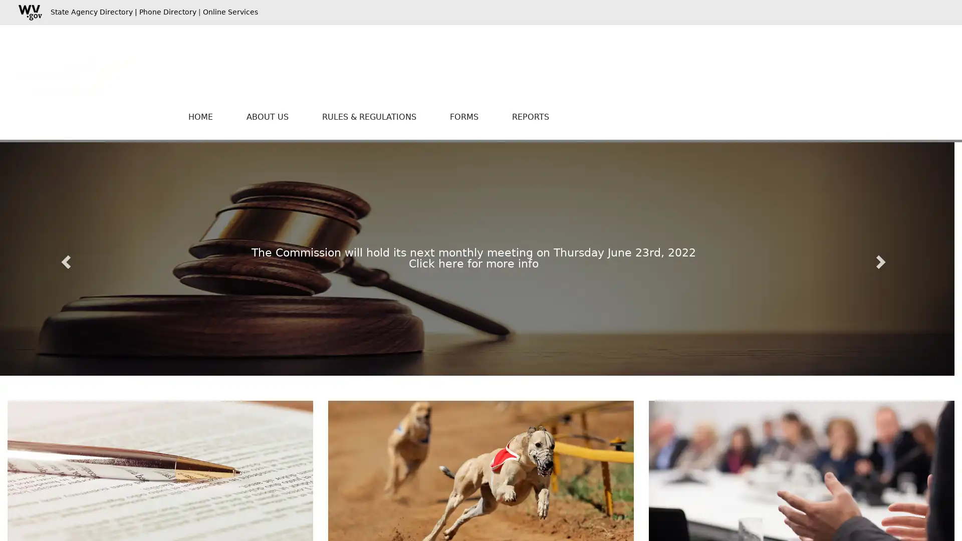 This screenshot has width=962, height=541. Describe the element at coordinates (882, 258) in the screenshot. I see `Next` at that location.